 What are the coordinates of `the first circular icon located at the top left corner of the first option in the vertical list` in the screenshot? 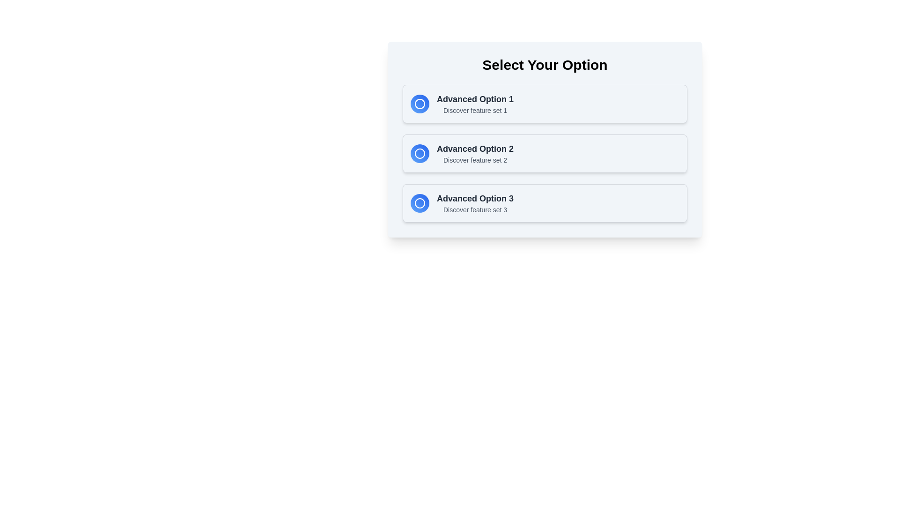 It's located at (420, 104).